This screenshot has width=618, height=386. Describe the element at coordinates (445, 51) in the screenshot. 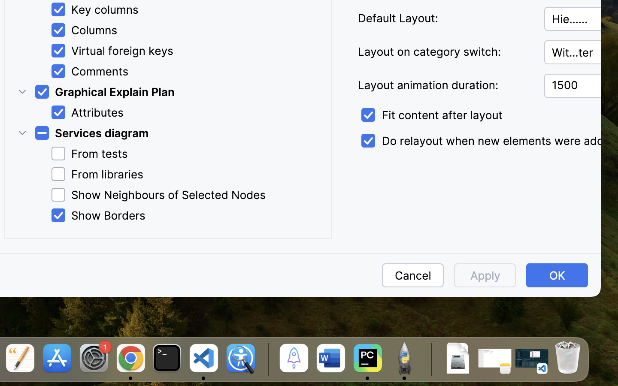

I see `'Layout on category switch:'` at that location.